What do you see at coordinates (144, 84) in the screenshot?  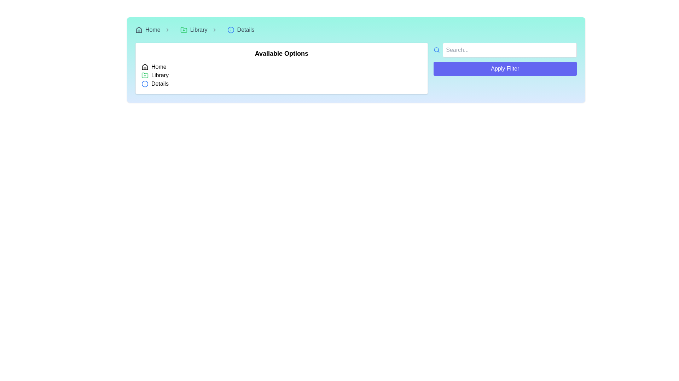 I see `the small circular information icon with a blue outline, located to the left of the 'Details' text label` at bounding box center [144, 84].